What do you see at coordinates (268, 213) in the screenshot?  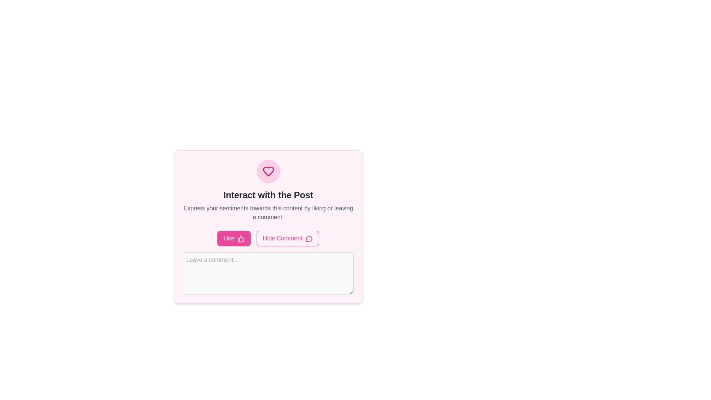 I see `the text content block that provides information or guidance to users about interaction options available for the post, located between the title 'Interact with the Post' and the 'Like' and 'Hide Comment' buttons` at bounding box center [268, 213].